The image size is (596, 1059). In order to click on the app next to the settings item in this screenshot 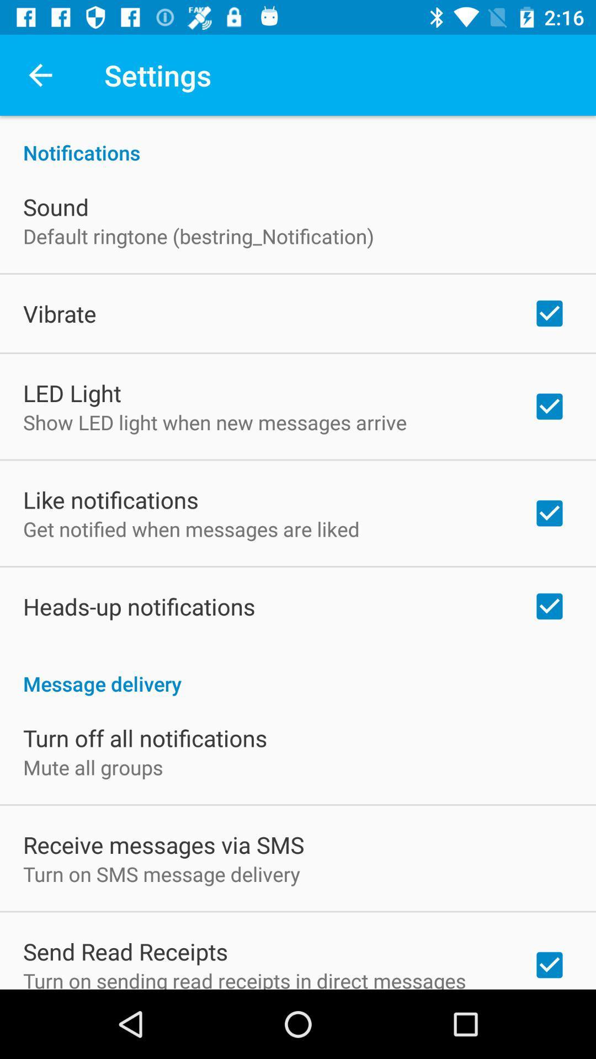, I will do `click(40, 74)`.